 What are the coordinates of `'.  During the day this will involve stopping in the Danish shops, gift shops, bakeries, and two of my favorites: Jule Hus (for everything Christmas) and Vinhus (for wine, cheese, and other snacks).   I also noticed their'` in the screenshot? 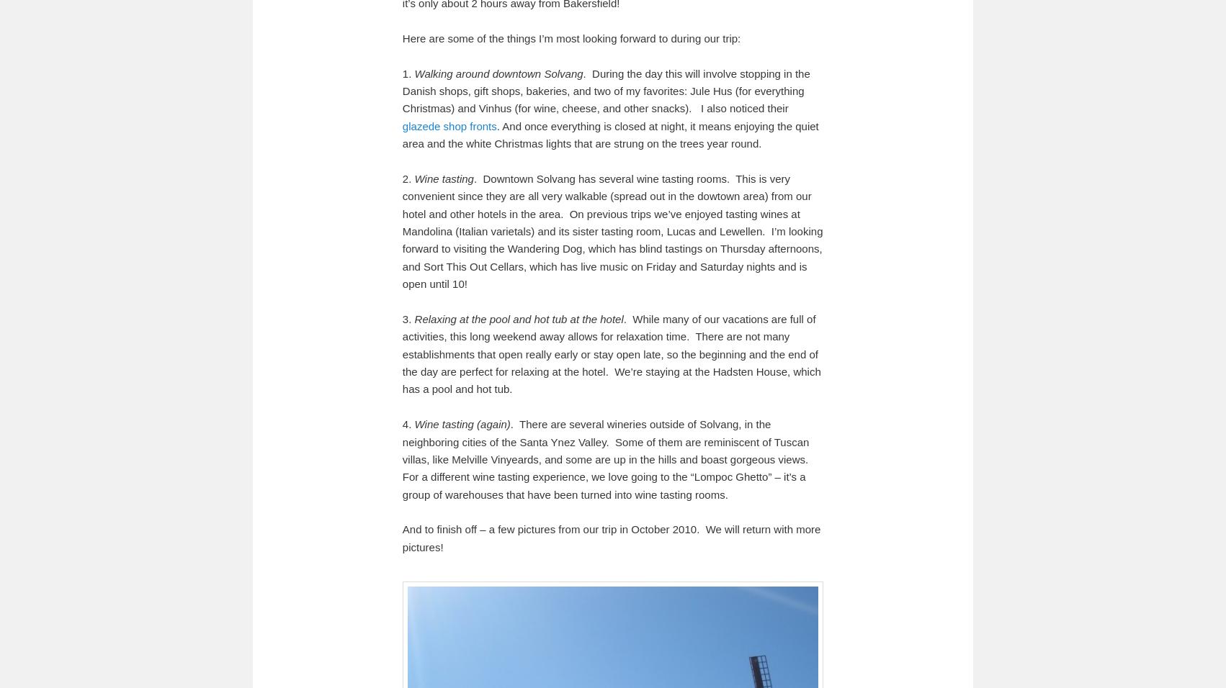 It's located at (401, 91).